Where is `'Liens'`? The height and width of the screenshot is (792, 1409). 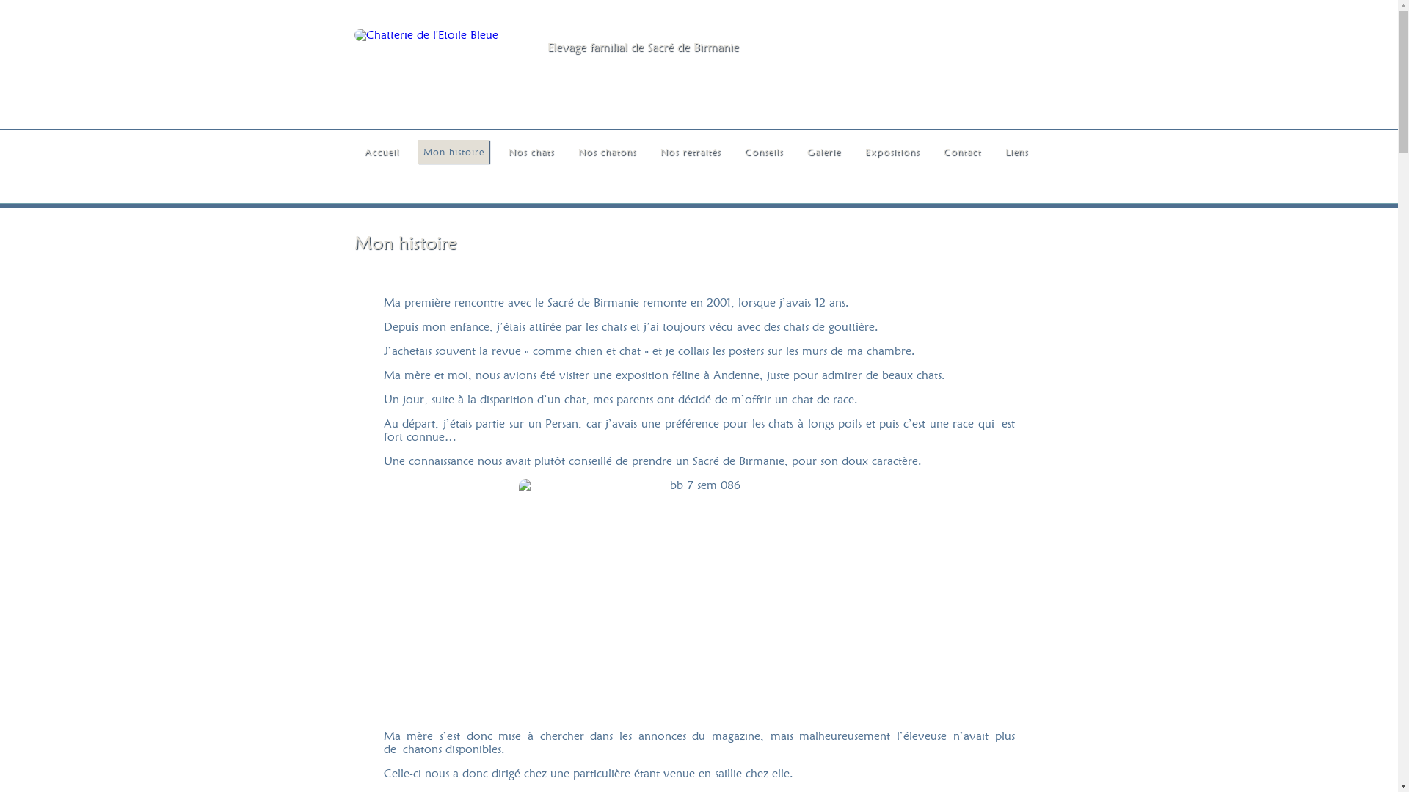 'Liens' is located at coordinates (999, 152).